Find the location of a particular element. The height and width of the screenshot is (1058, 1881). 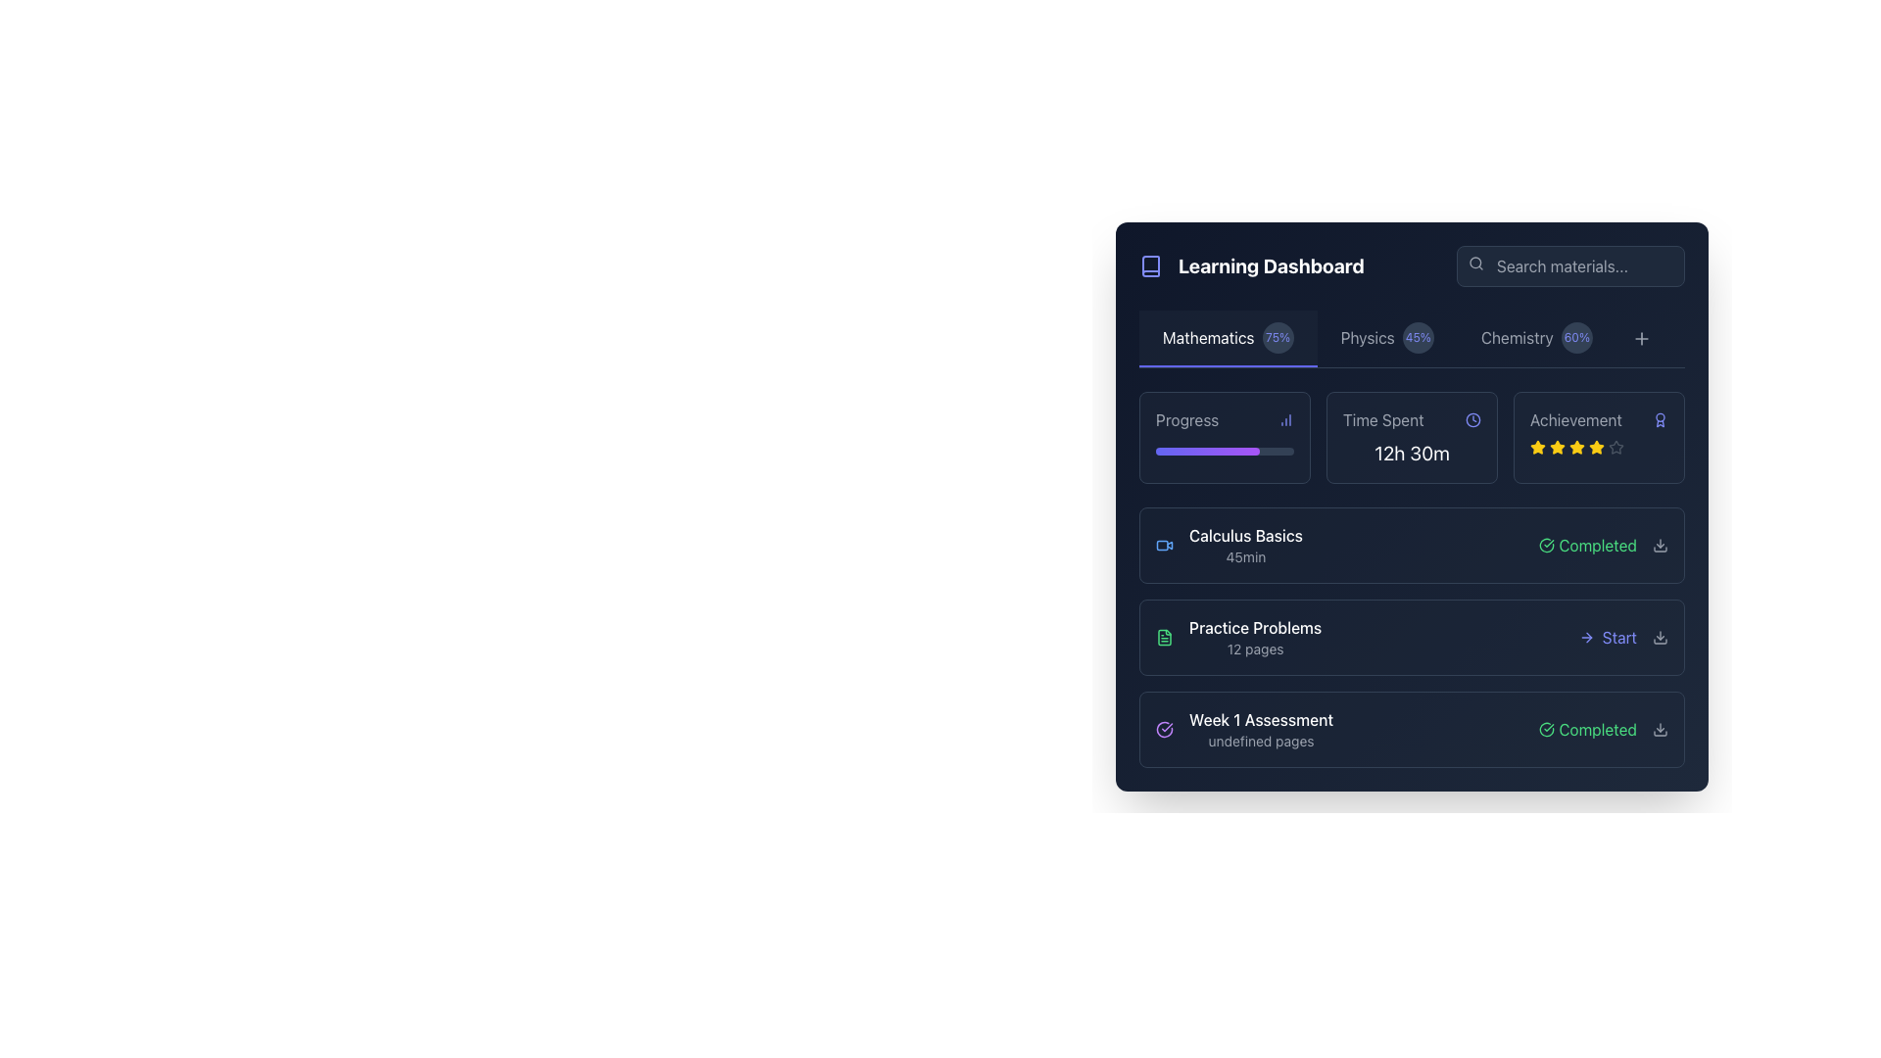

the text block displaying 'Calculus Basics' in white, located in the 'Learning Dashboard' under the 'Mathematics' tab is located at coordinates (1245, 545).